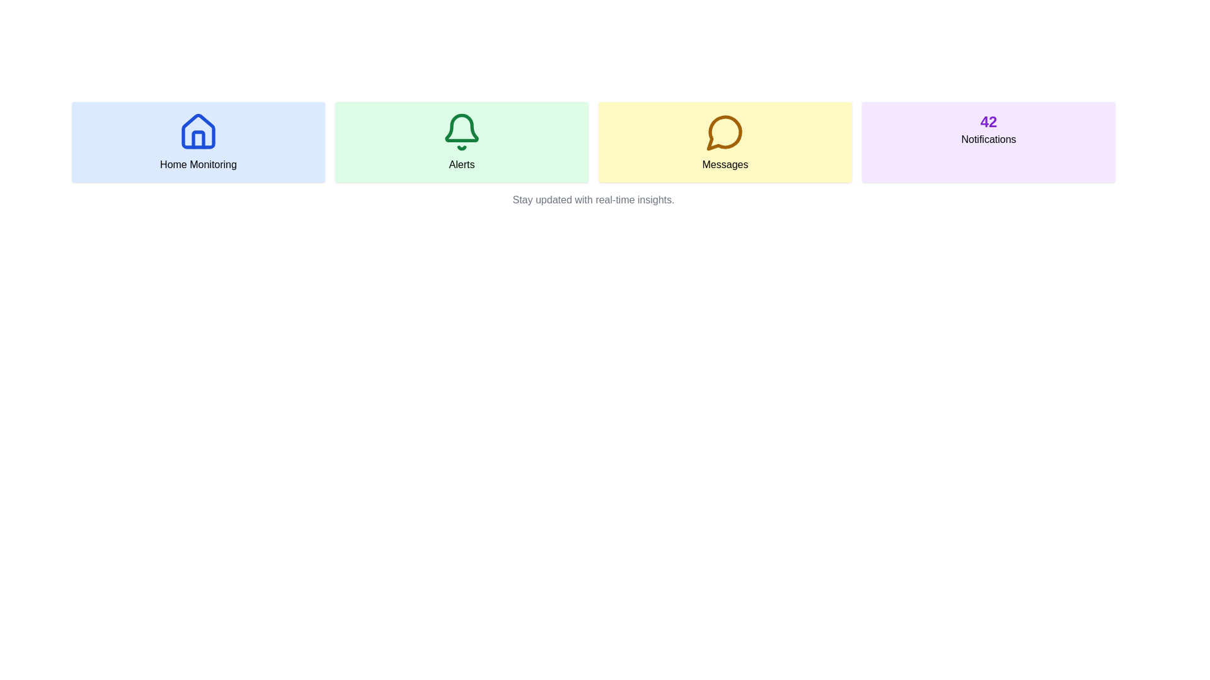 The image size is (1210, 680). Describe the element at coordinates (198, 142) in the screenshot. I see `the Informational card displaying a house icon and the text 'Home Monitoring', located at the top-left of the grid` at that location.